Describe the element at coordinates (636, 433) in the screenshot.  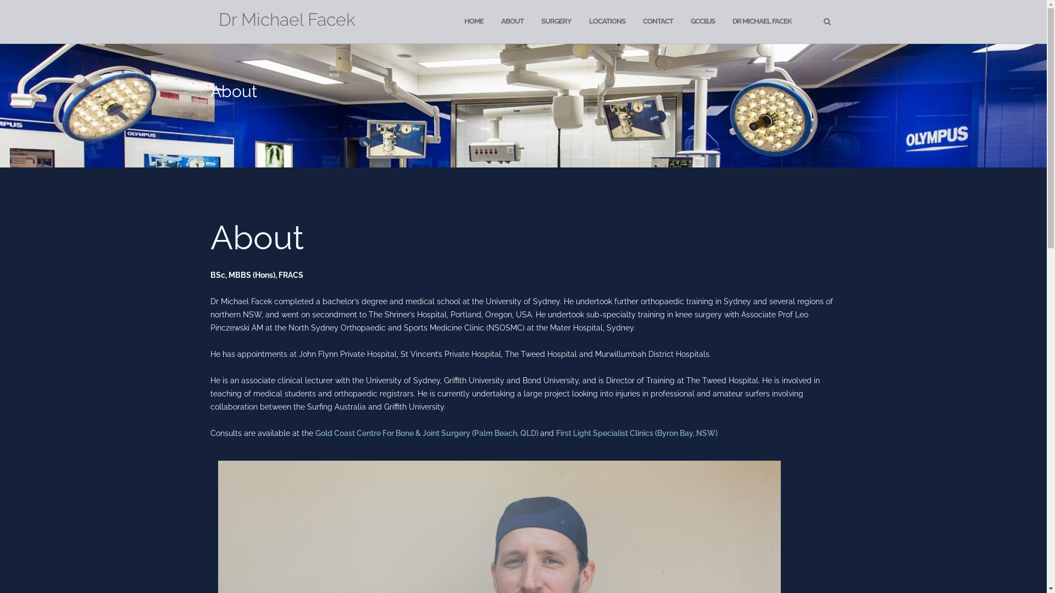
I see `'First Light Specialist Clinics (Byron Bay, NSW)'` at that location.